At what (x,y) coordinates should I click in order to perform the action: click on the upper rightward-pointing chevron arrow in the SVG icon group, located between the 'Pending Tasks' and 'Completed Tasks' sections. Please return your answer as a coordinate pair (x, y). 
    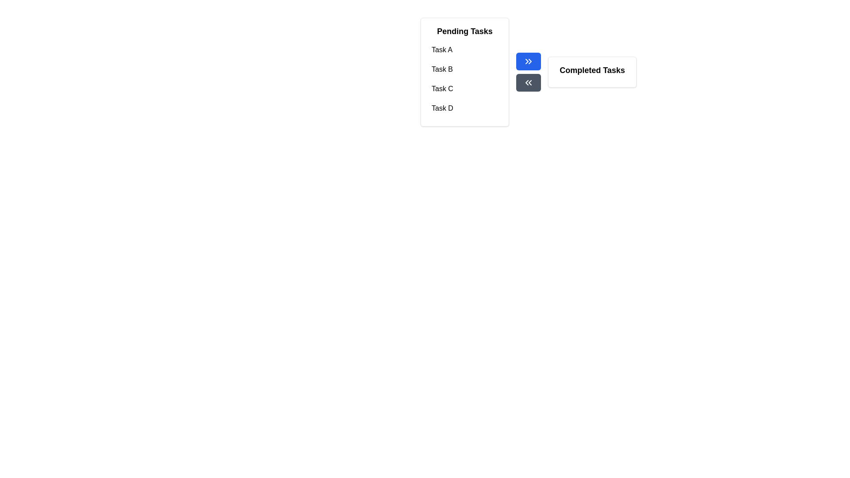
    Looking at the image, I should click on (527, 61).